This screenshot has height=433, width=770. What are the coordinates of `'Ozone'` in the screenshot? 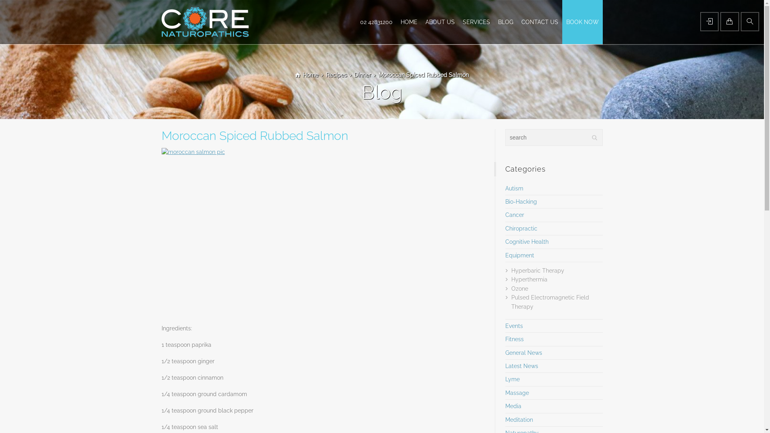 It's located at (520, 289).